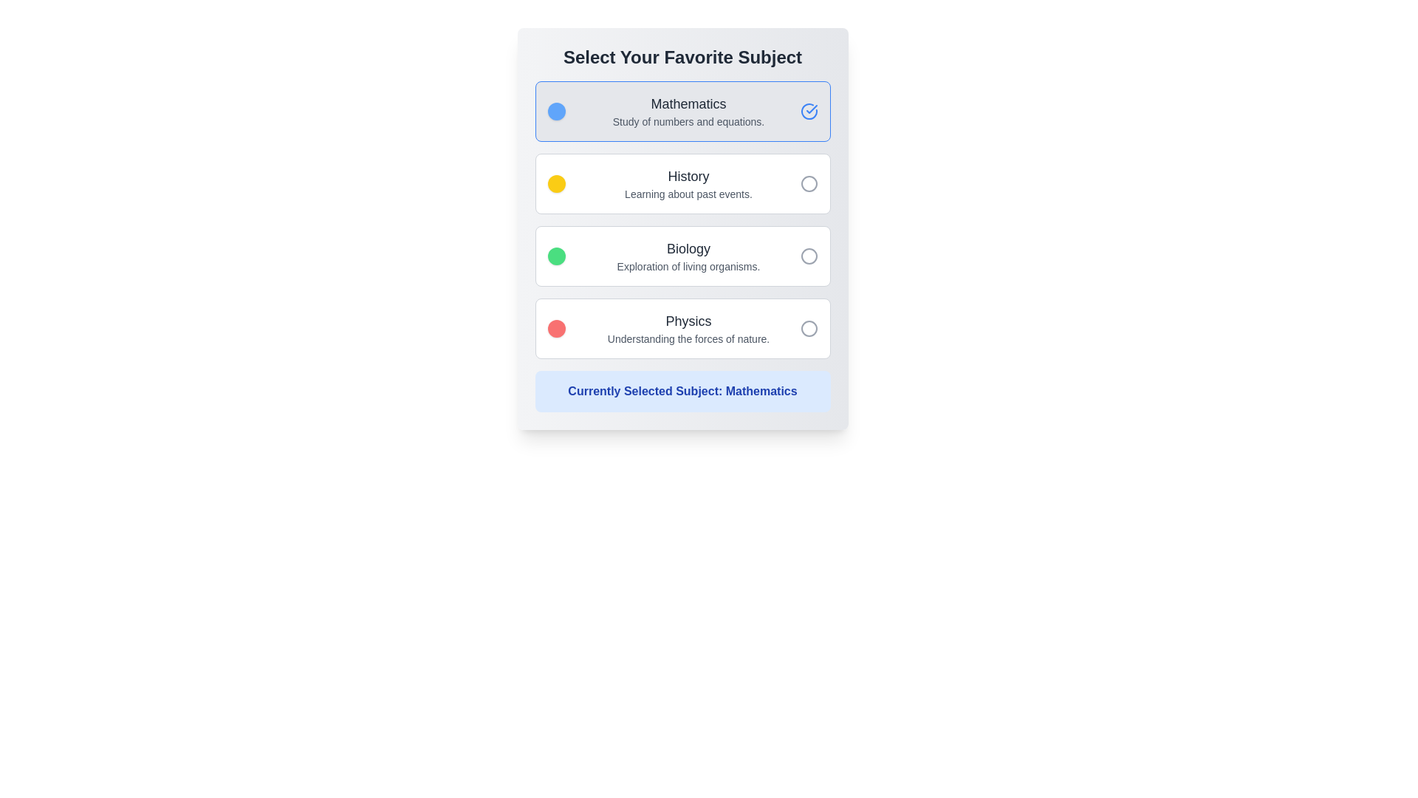 The image size is (1418, 798). I want to click on the text element reading 'Currently Selected Subject: Mathematics', which is styled in bold blue font and displayed on a light blue background, located at the bottom of a card layout, so click(682, 390).